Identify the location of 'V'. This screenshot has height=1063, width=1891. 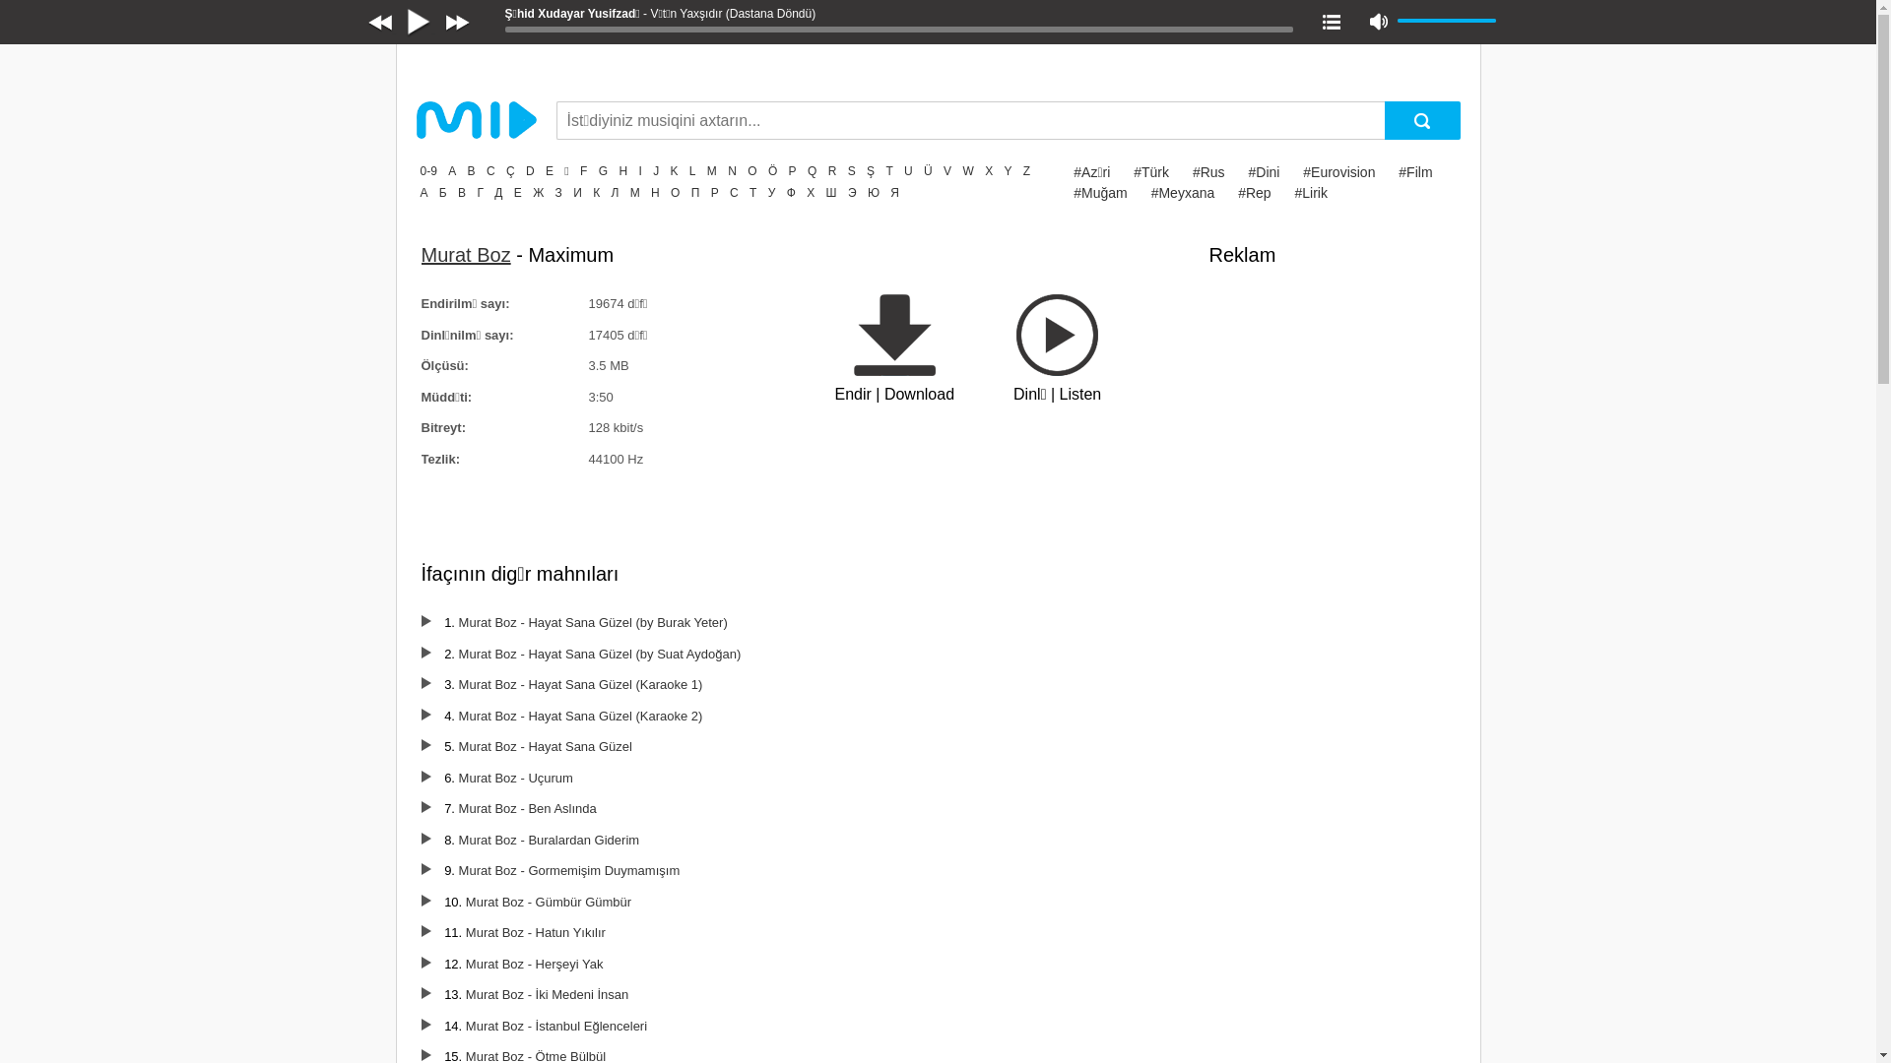
(943, 169).